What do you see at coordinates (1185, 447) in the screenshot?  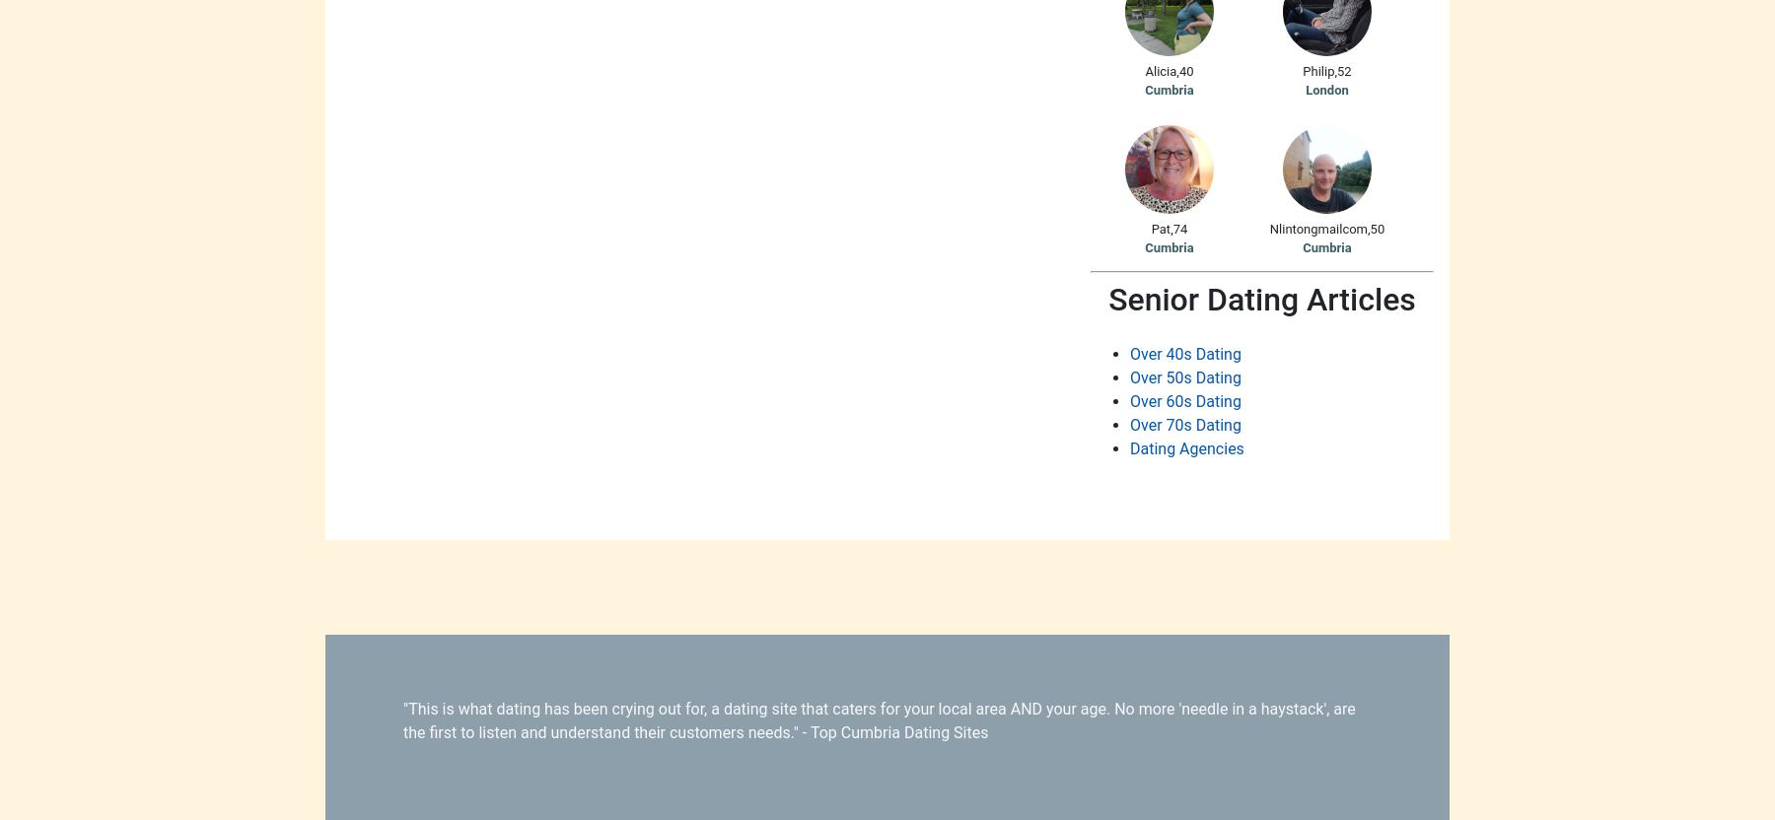 I see `'Dating Agencies'` at bounding box center [1185, 447].